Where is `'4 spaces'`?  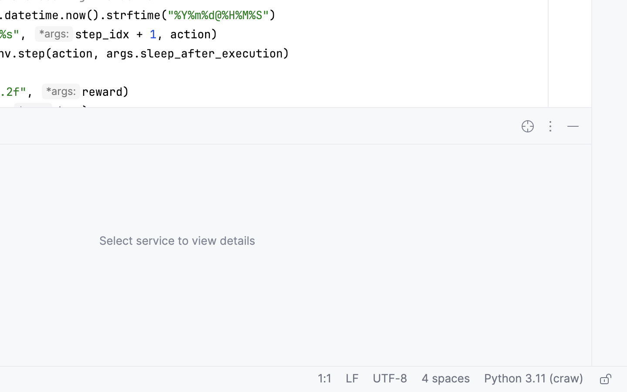
'4 spaces' is located at coordinates (445, 379).